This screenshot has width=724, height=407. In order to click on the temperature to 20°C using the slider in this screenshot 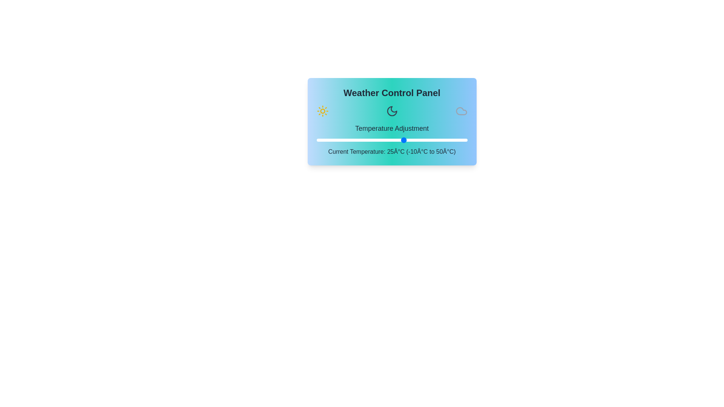, I will do `click(392, 140)`.